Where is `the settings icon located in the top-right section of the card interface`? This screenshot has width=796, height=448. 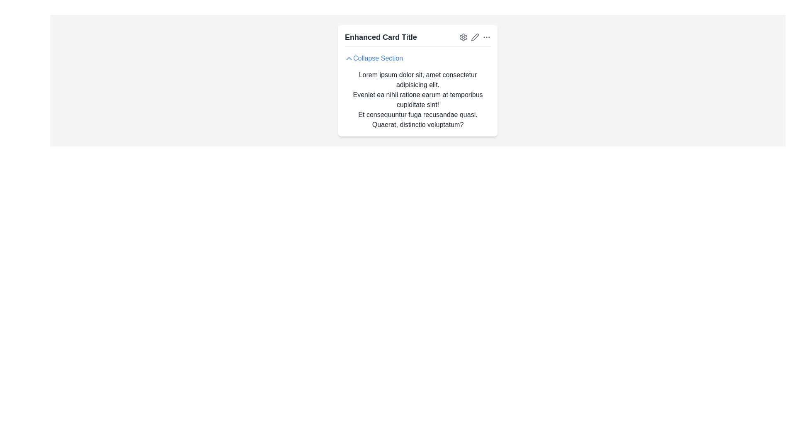
the settings icon located in the top-right section of the card interface is located at coordinates (463, 37).